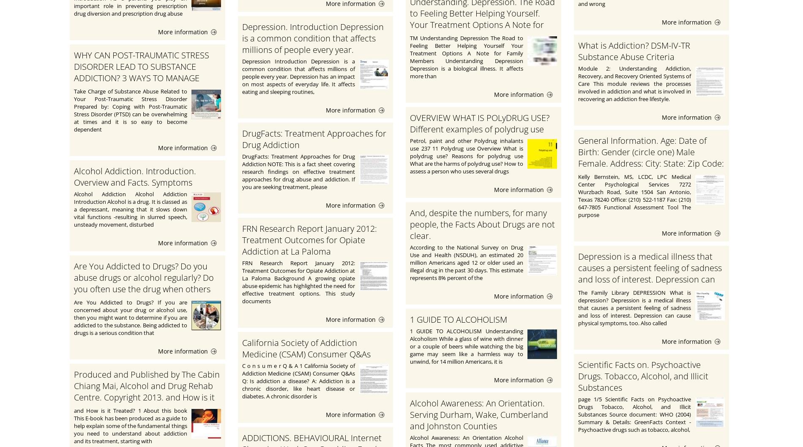 Image resolution: width=803 pixels, height=447 pixels. Describe the element at coordinates (479, 414) in the screenshot. I see `'Alcohol Awareness: An Orientation. Serving Durham, Wake, Cumberland and Johnston Counties'` at that location.